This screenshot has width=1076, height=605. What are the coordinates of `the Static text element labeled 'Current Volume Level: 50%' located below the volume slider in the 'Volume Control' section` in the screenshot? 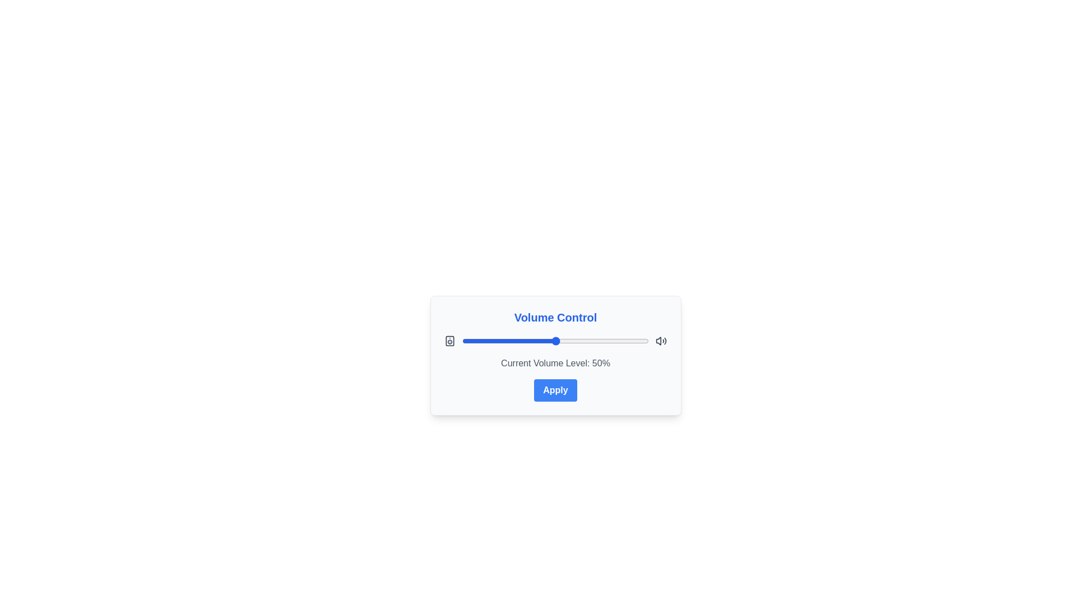 It's located at (555, 363).